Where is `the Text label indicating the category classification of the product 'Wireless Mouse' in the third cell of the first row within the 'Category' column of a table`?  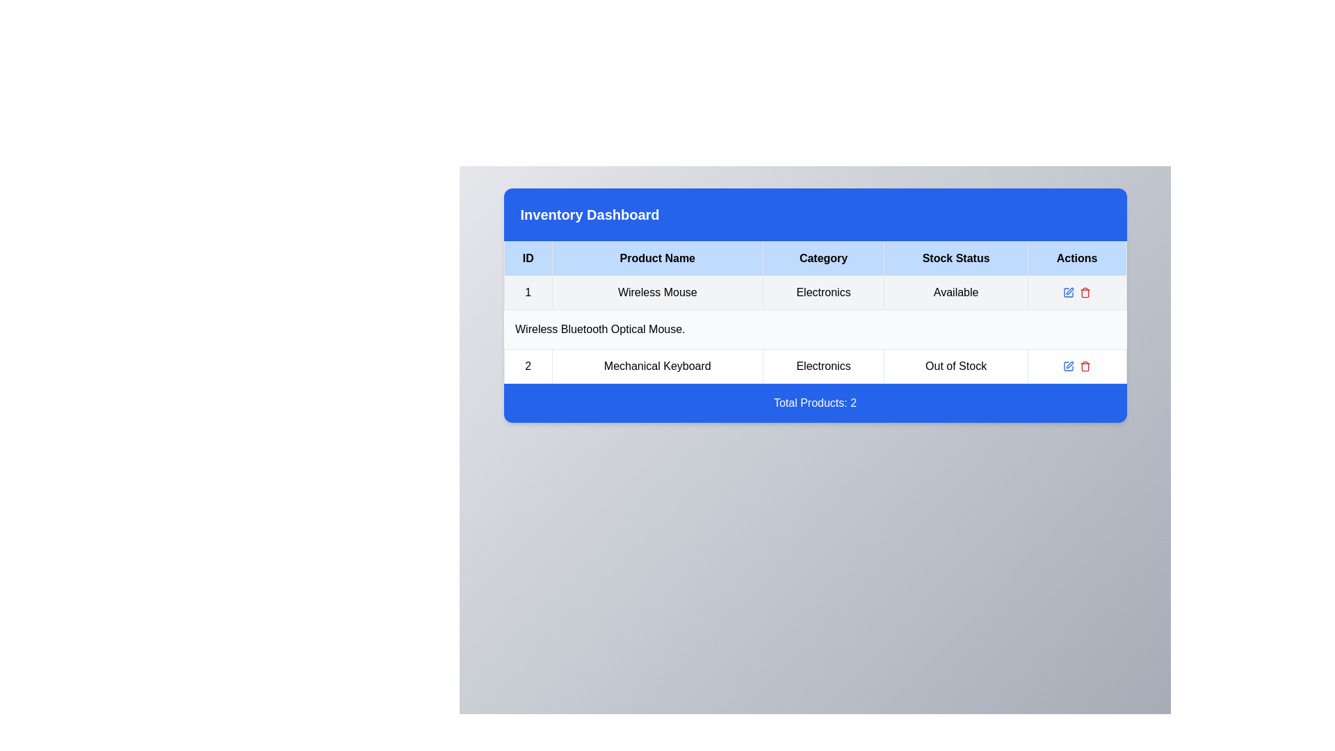
the Text label indicating the category classification of the product 'Wireless Mouse' in the third cell of the first row within the 'Category' column of a table is located at coordinates (823, 291).